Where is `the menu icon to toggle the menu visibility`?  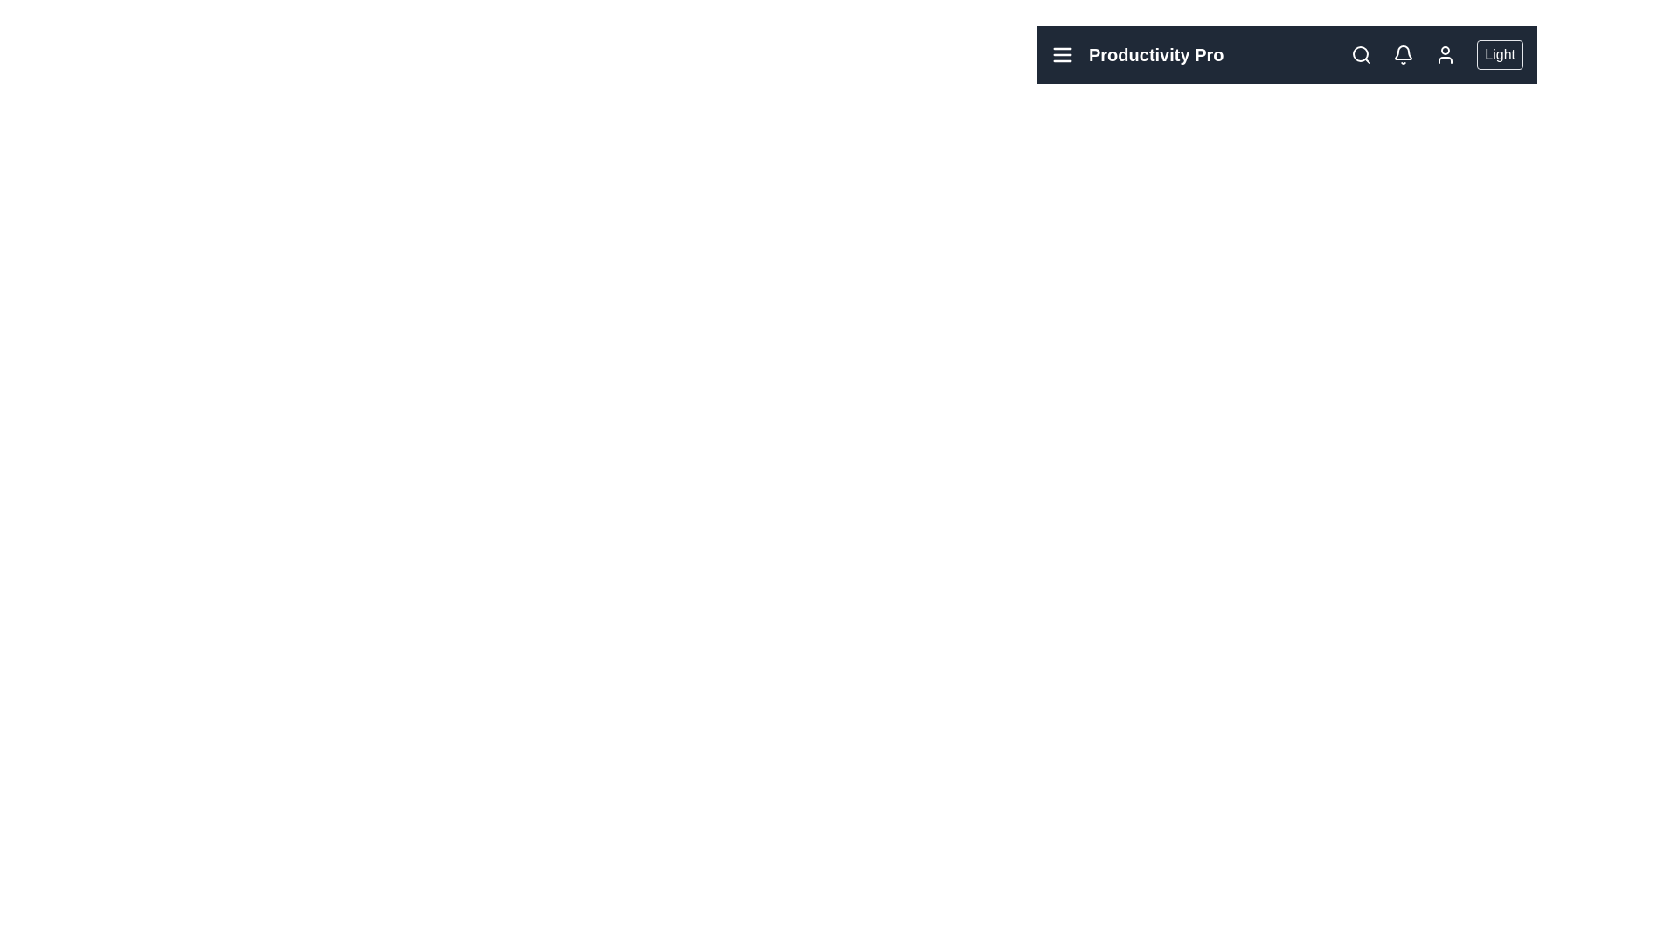 the menu icon to toggle the menu visibility is located at coordinates (1061, 53).